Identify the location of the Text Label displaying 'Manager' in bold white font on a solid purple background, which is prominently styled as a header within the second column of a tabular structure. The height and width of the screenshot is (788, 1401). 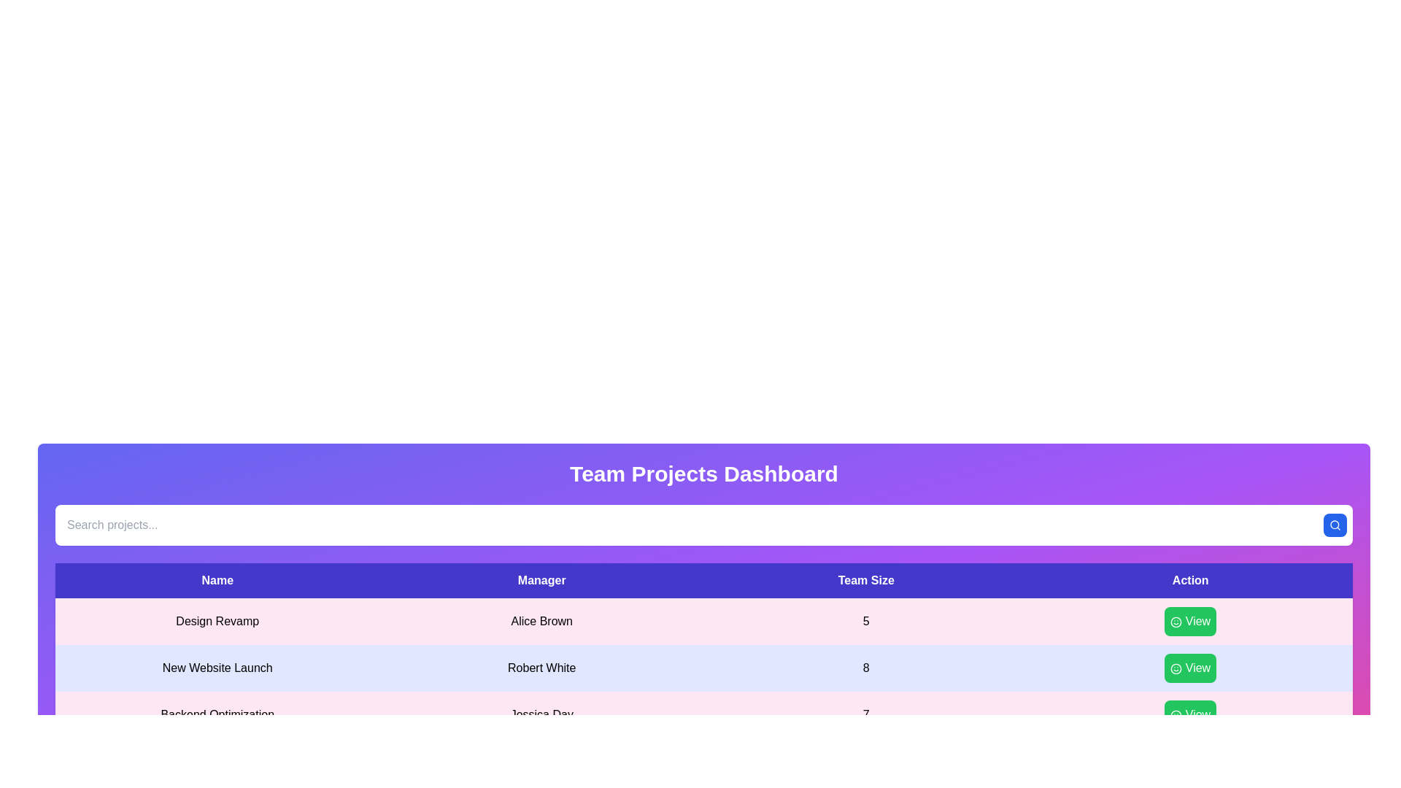
(541, 579).